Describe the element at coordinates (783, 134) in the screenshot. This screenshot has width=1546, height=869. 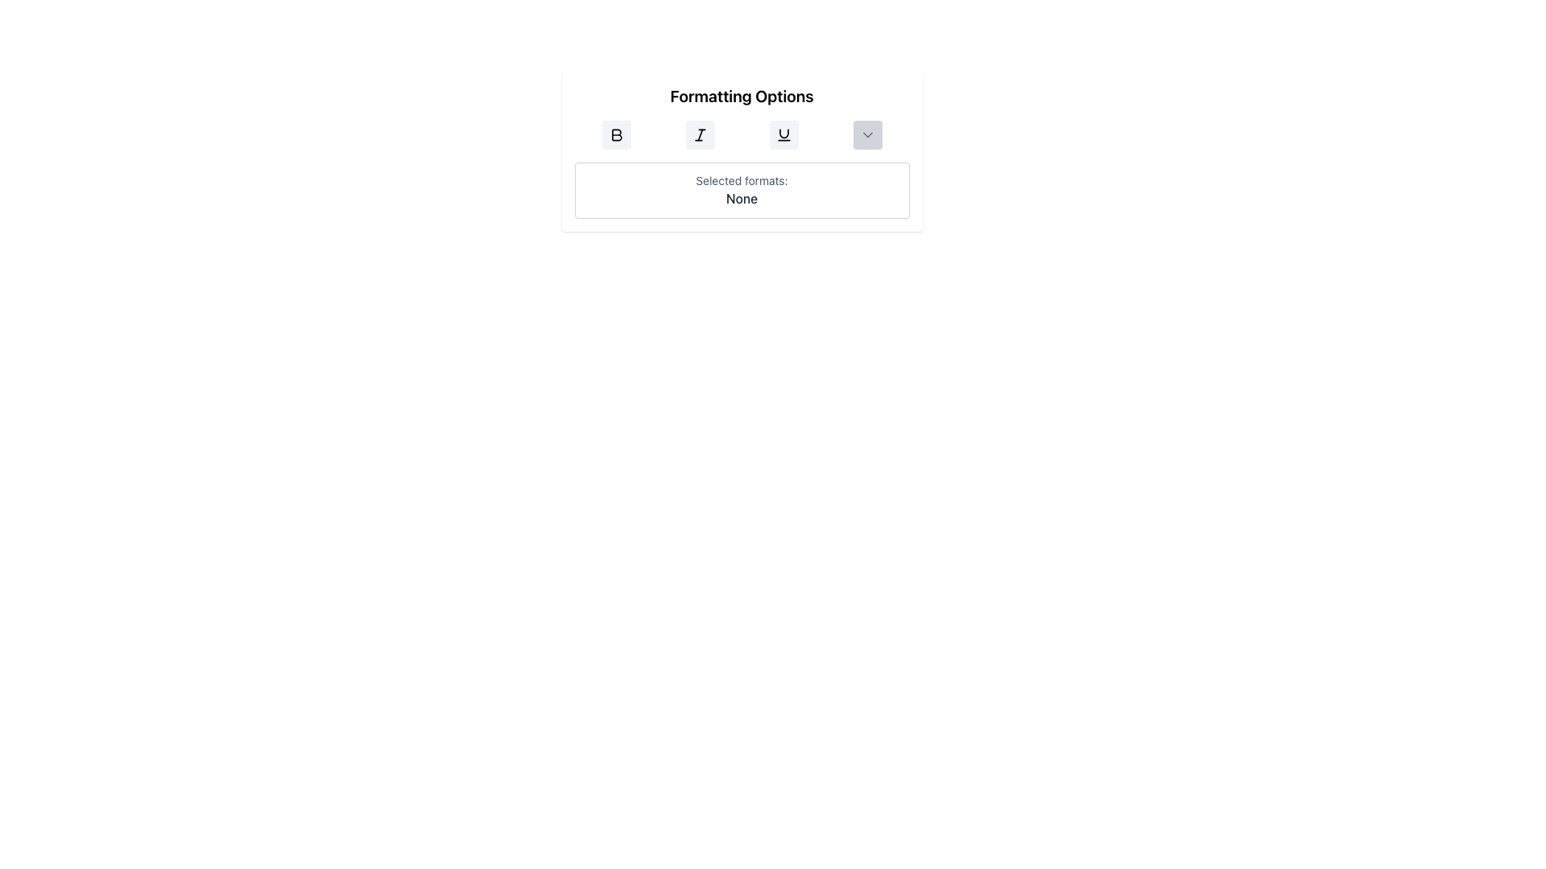
I see `the underline formatting button, which is styled with a light gray rounded background and an icon of an underlined character` at that location.